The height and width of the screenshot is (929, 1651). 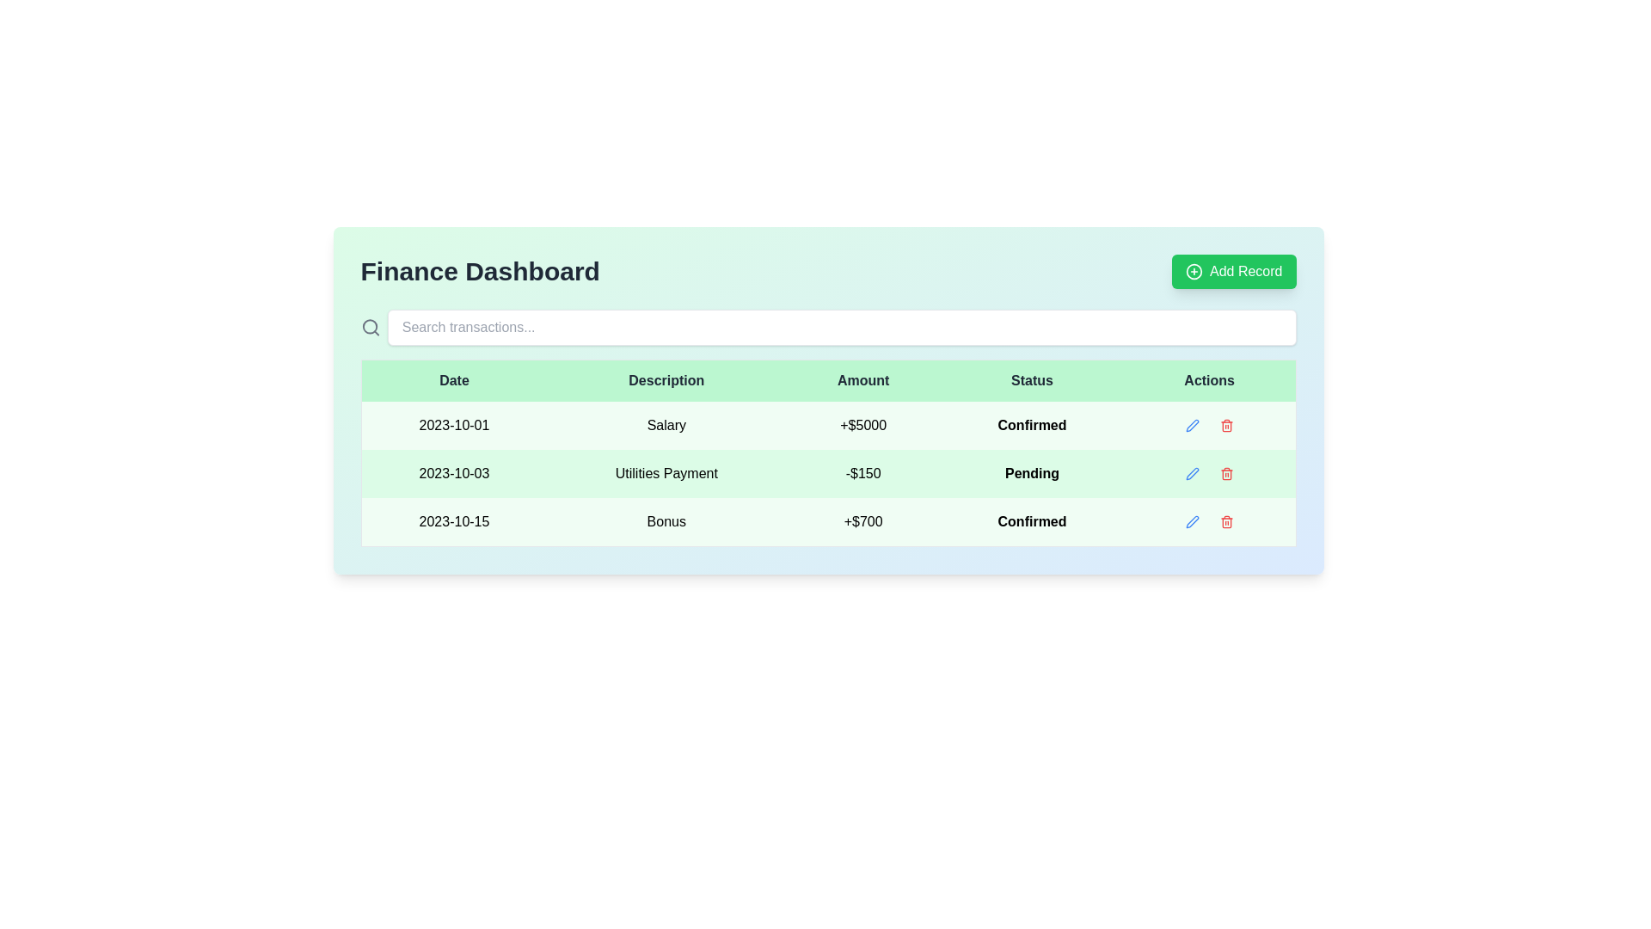 What do you see at coordinates (1191, 425) in the screenshot?
I see `the 'Edit' button, which is the second clickable icon in the 'Actions' column of the table, located to the left of the red trash bin icon in the first row` at bounding box center [1191, 425].